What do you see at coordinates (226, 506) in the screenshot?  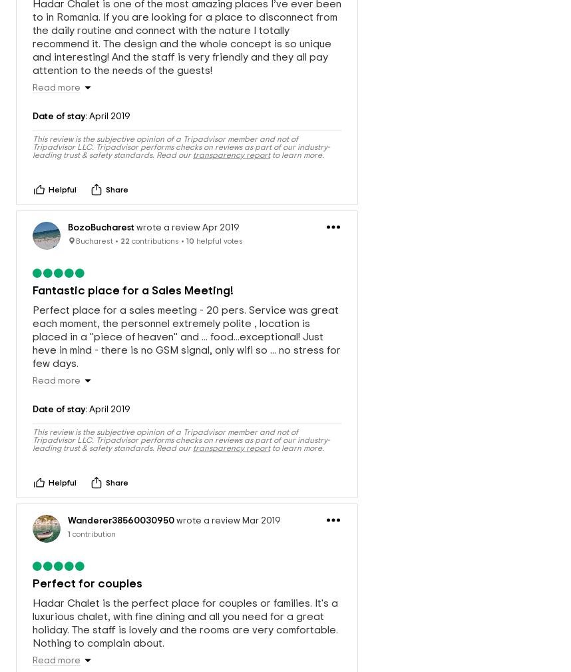 I see `'wrote a review Mar 2019'` at bounding box center [226, 506].